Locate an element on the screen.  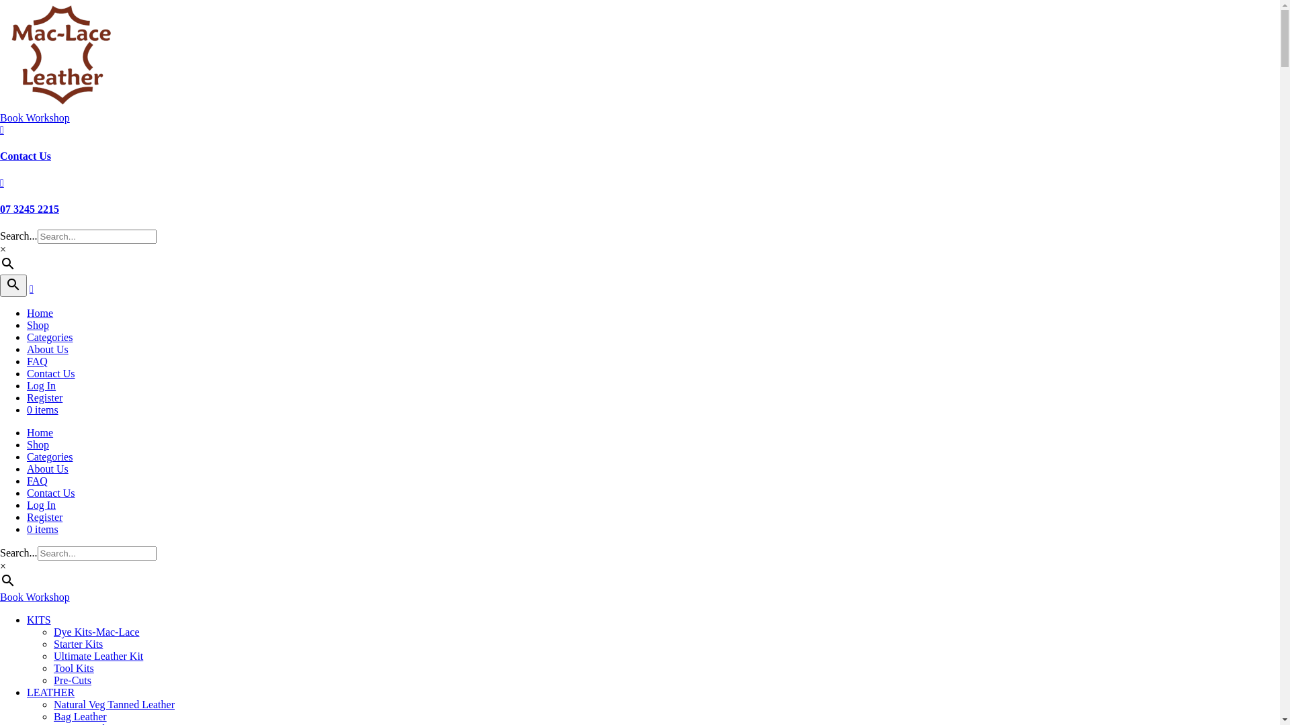
'07 3245 2215' is located at coordinates (29, 209).